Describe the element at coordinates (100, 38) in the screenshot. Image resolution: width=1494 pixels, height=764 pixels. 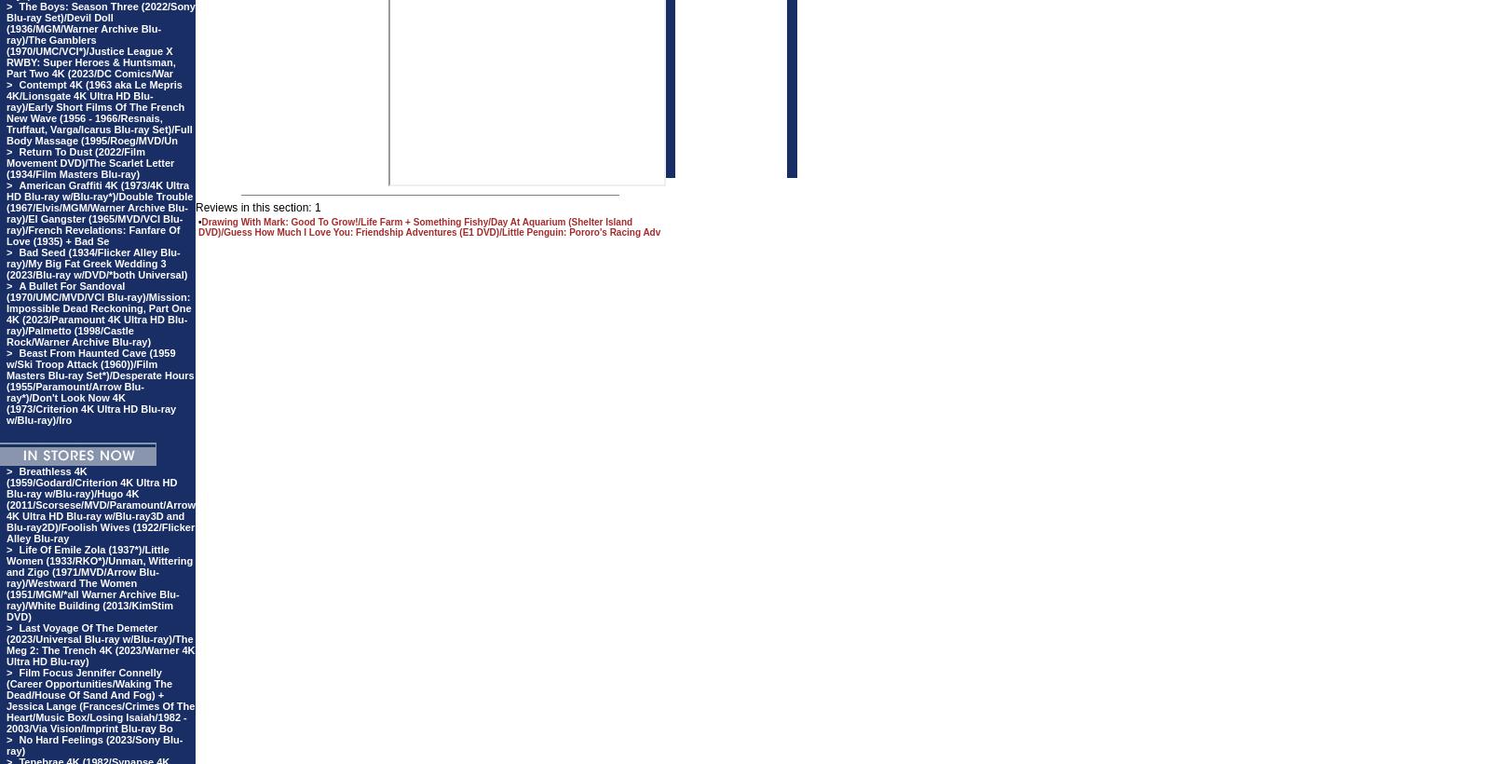
I see `'The Boys: Season Three (2022/Sony Blu-ray Set)/Devil Doll (1936/MGM/Warner Archive Blu-ray)/The Gamblers (1970/UMC/VCI*)/Justice League X RWBY: Super Heroes & Huntsman, Part Two 4K (2023/DC Comics/War'` at that location.